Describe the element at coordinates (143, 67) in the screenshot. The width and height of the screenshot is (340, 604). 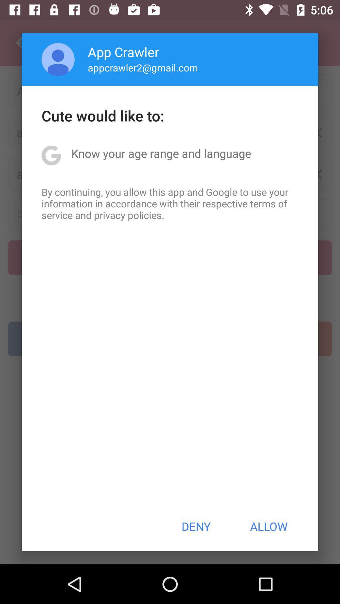
I see `item below app crawler` at that location.